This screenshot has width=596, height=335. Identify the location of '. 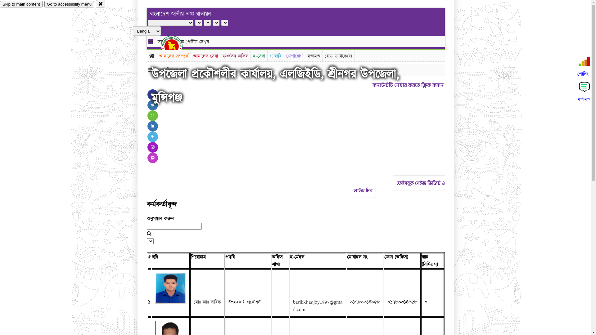
(177, 46).